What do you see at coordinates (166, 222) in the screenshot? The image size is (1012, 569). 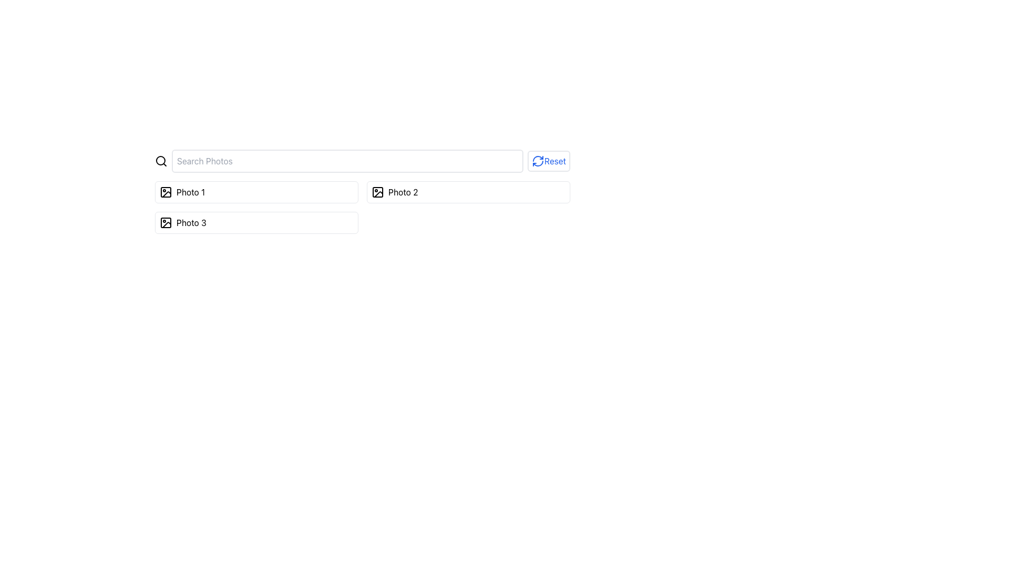 I see `the upper-left component of the icon graphic that symbolizes an image or photo placeholder functionality` at bounding box center [166, 222].